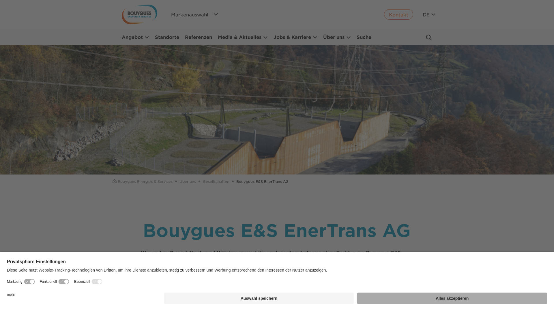  What do you see at coordinates (198, 37) in the screenshot?
I see `'Referenzen'` at bounding box center [198, 37].